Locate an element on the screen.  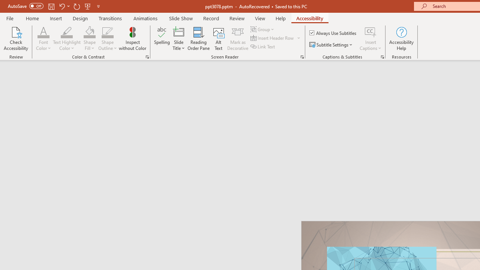
'Insert Captions' is located at coordinates (370, 39).